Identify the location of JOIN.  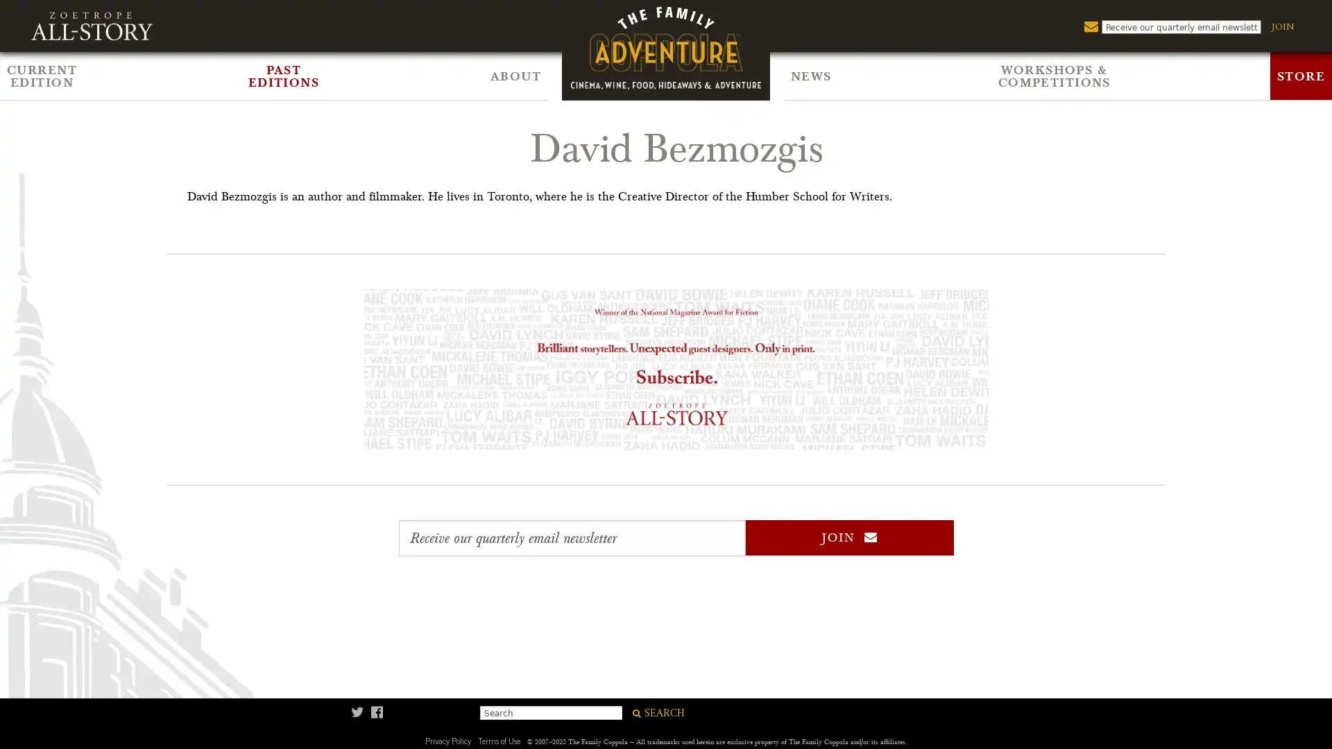
(1281, 26).